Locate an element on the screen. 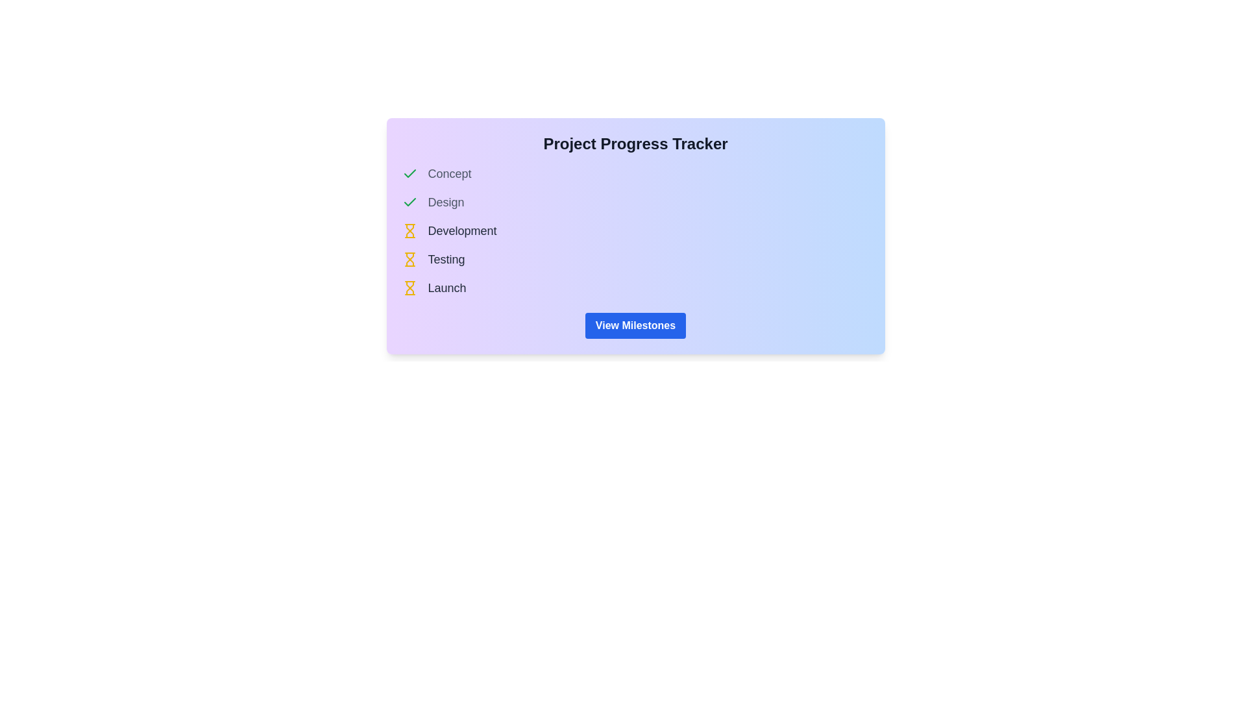 Image resolution: width=1246 pixels, height=701 pixels. the 'Development' milestone in the Project Progress Tracker, which is the third entry in the vertical list of milestones is located at coordinates (462, 230).